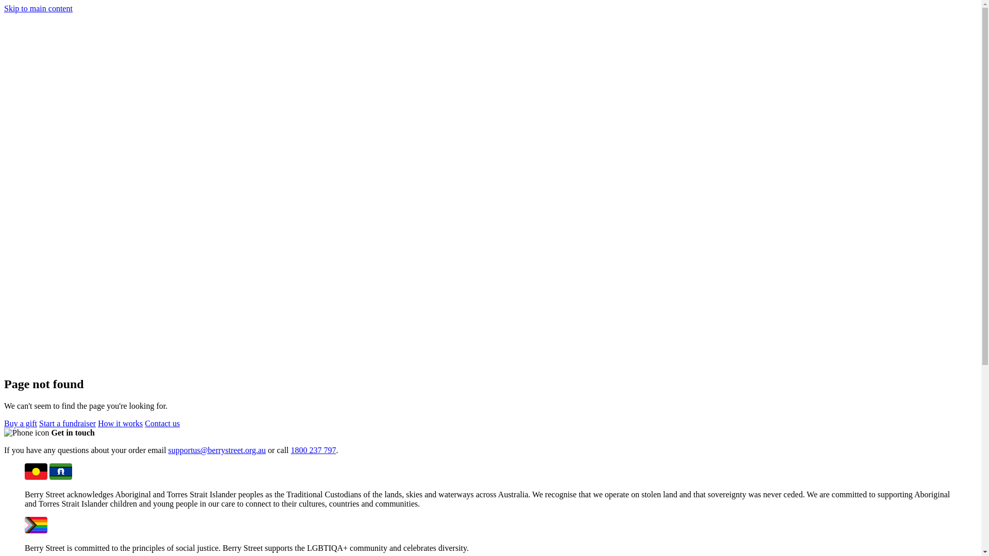 This screenshot has height=556, width=989. Describe the element at coordinates (217, 449) in the screenshot. I see `'supportus@berrystreet.org.au'` at that location.